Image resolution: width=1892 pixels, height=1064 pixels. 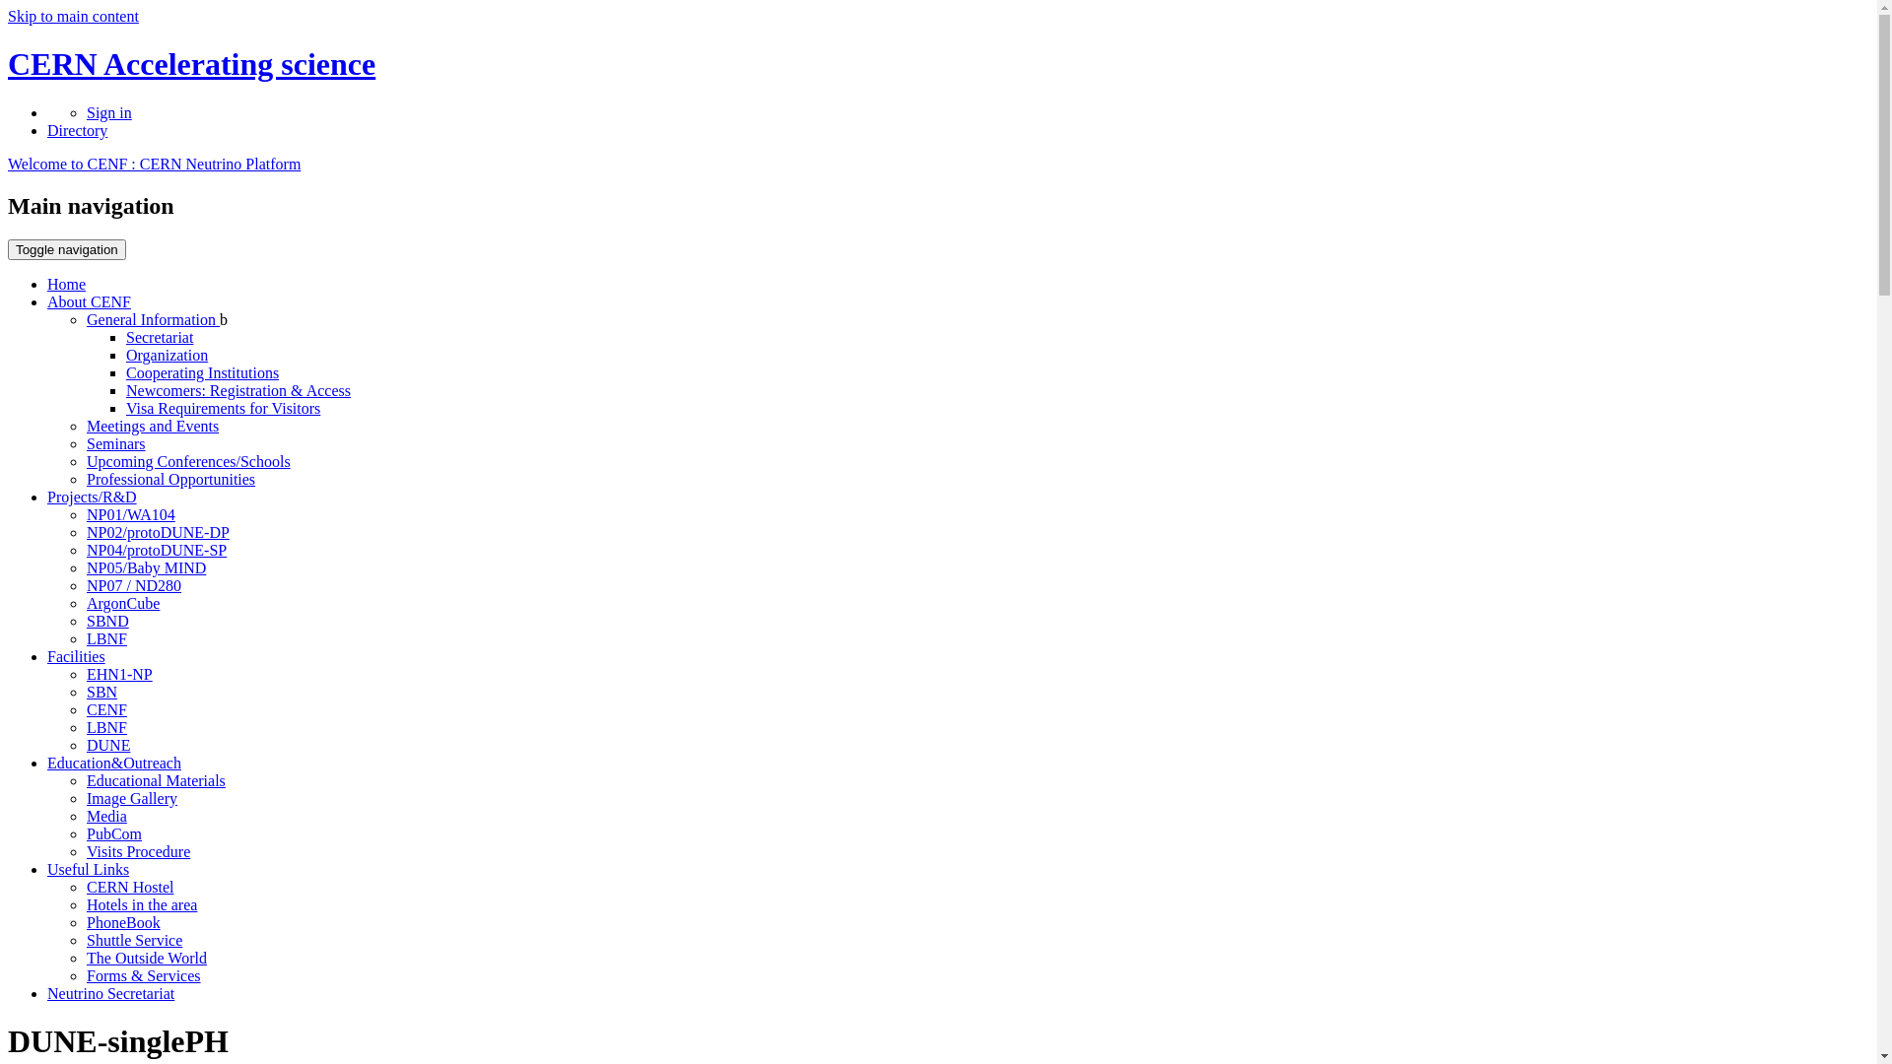 What do you see at coordinates (85, 112) in the screenshot?
I see `'Sign in'` at bounding box center [85, 112].